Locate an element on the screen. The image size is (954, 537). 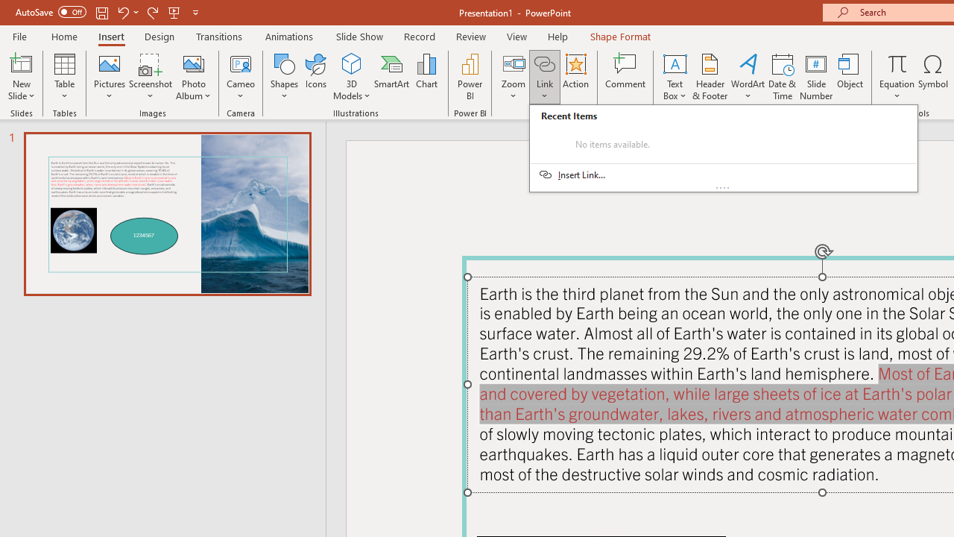
'Symbol...' is located at coordinates (932, 77).